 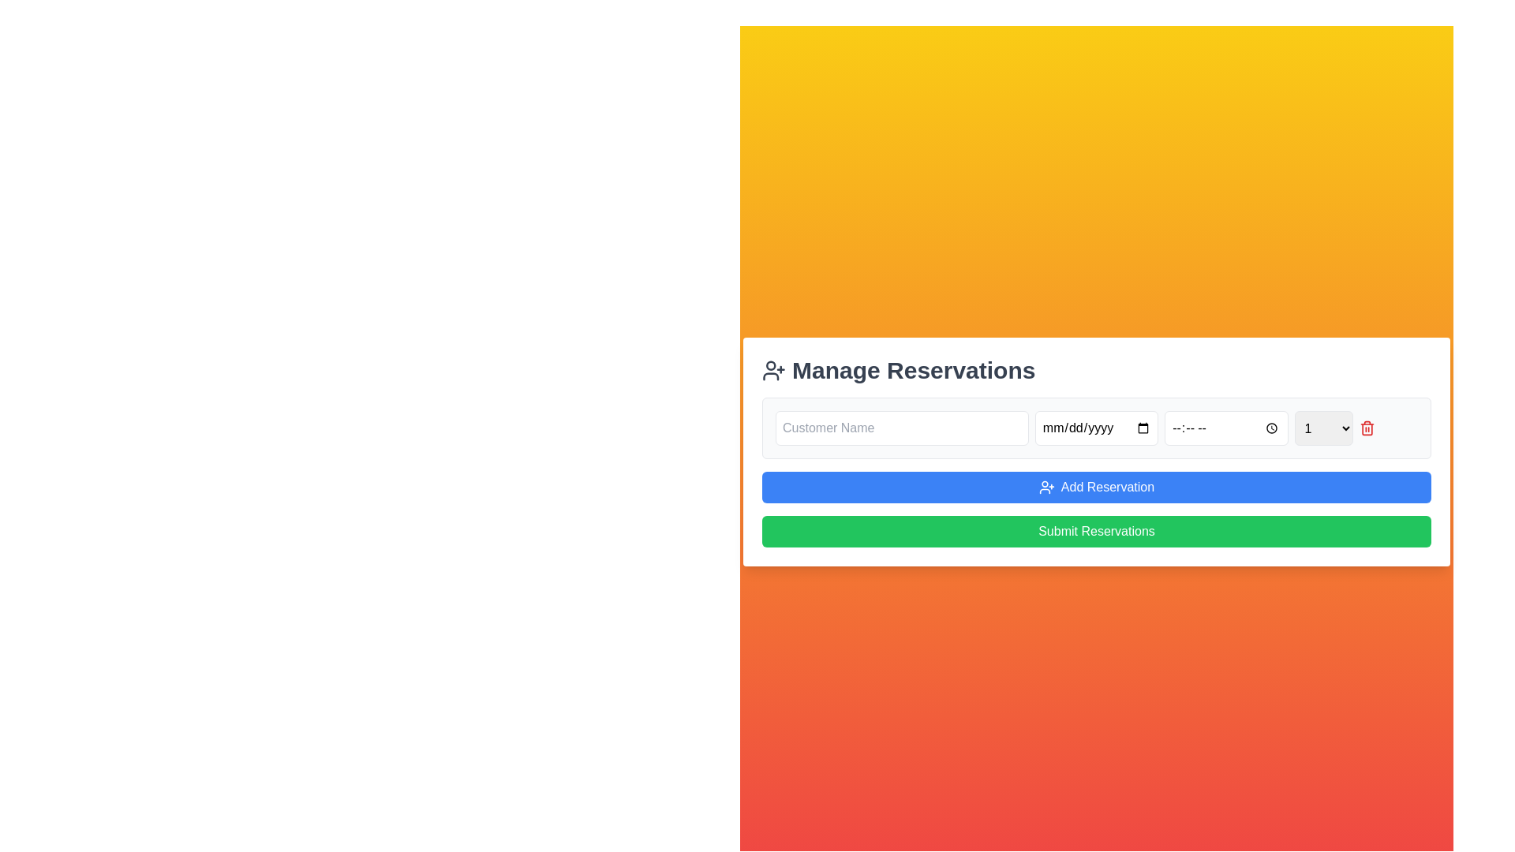 I want to click on the 'Add Reservation' button, which is a rectangular button with rounded edges and a blue background displaying white text, so click(x=1096, y=486).